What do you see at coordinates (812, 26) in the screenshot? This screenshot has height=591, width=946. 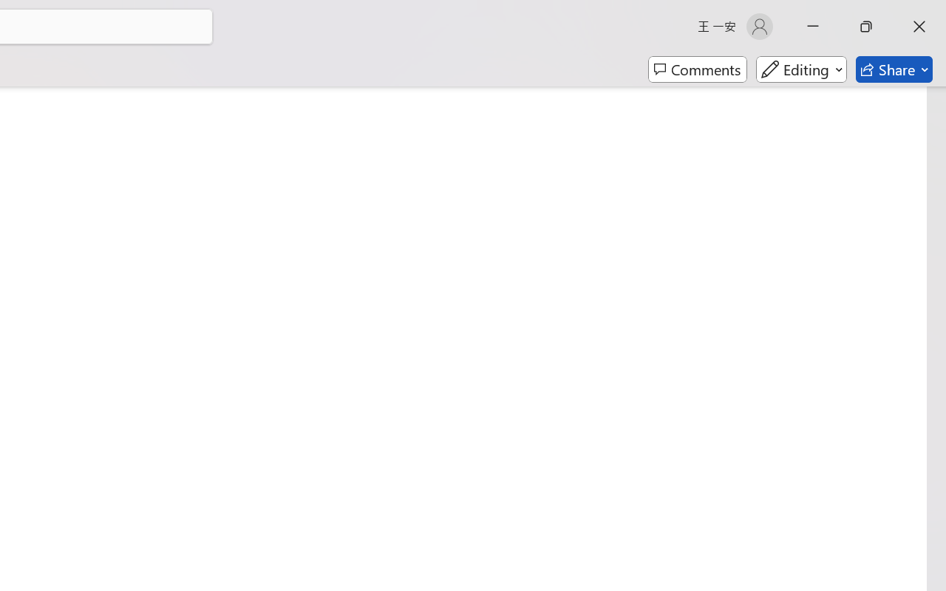 I see `'Minimize'` at bounding box center [812, 26].